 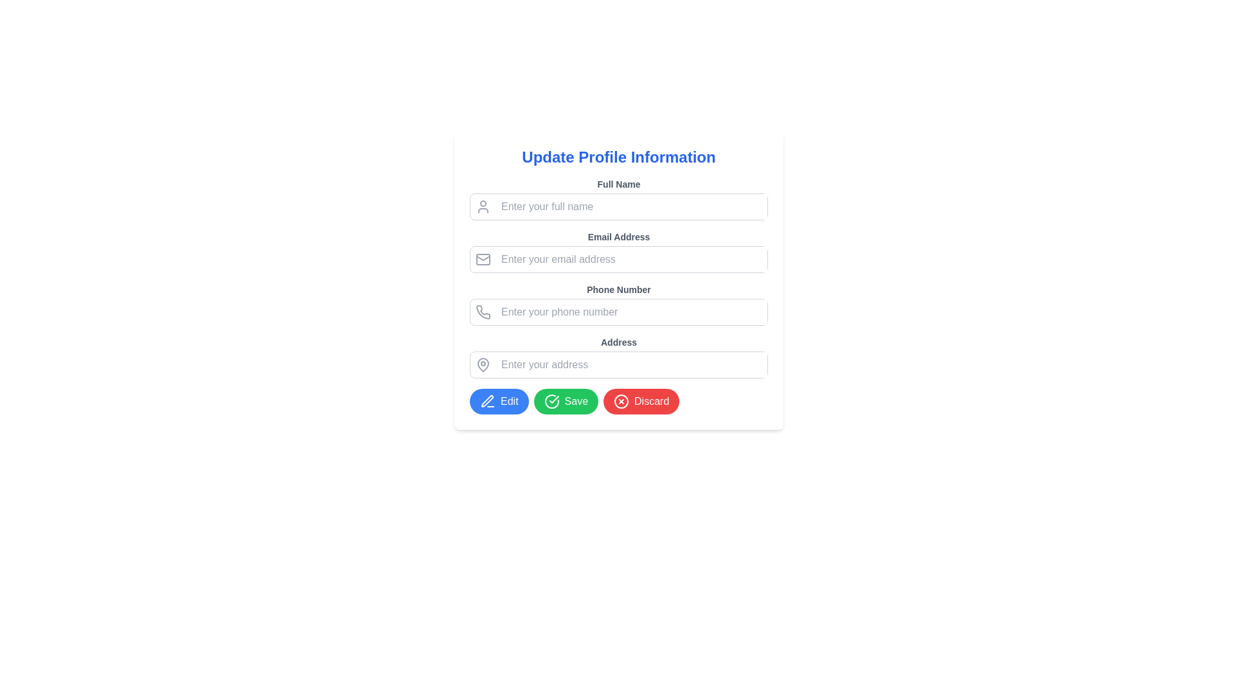 What do you see at coordinates (498, 400) in the screenshot?
I see `the 'Edit' button` at bounding box center [498, 400].